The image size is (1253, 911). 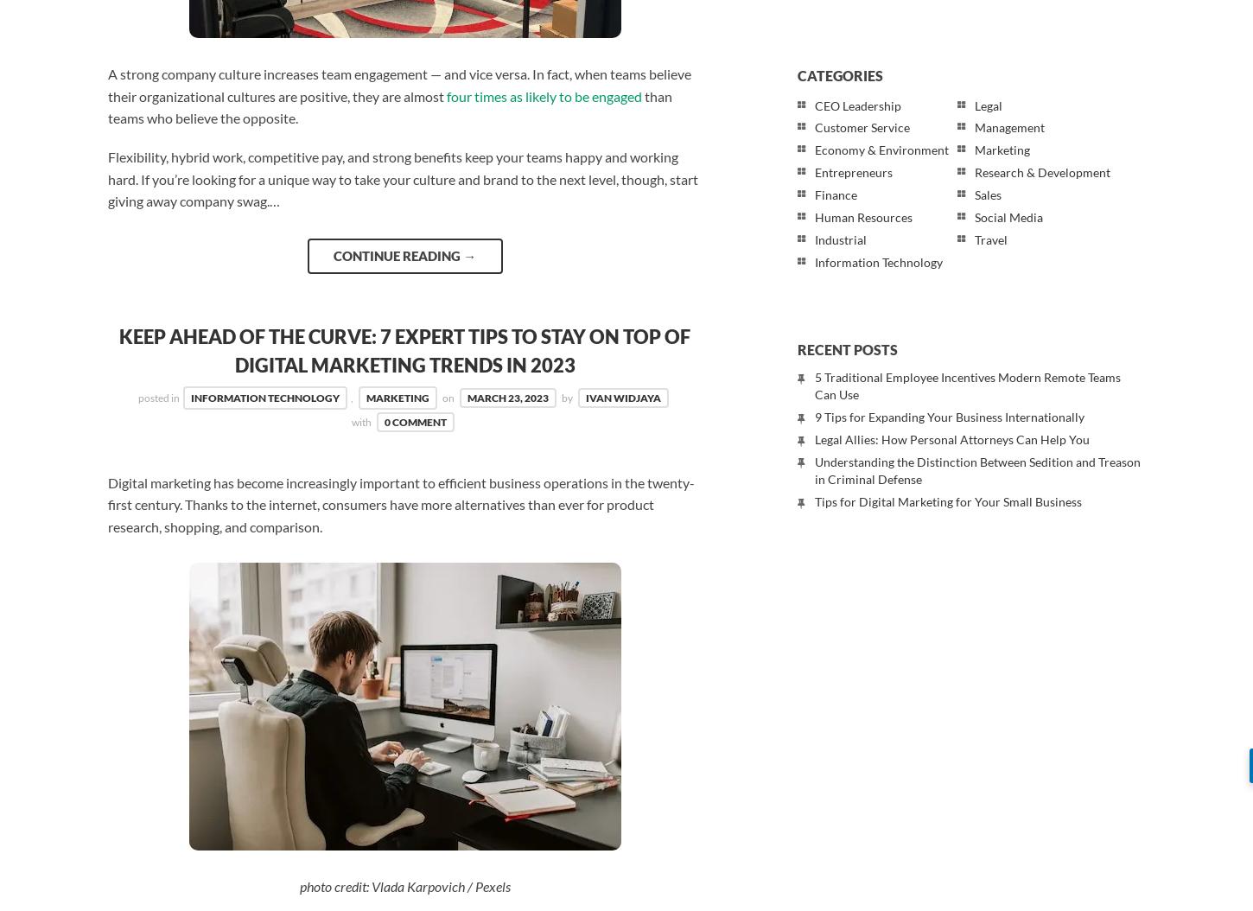 What do you see at coordinates (448, 397) in the screenshot?
I see `'on'` at bounding box center [448, 397].